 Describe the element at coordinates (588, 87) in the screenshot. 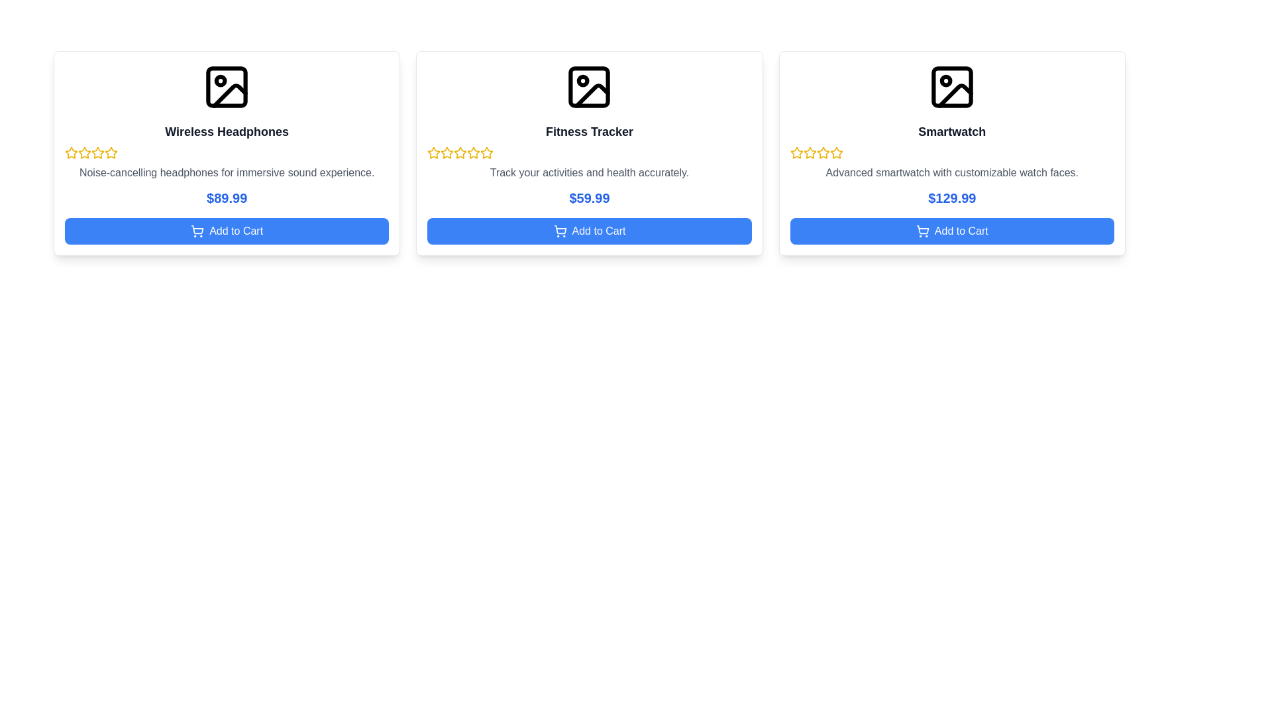

I see `the image representing the product` at that location.